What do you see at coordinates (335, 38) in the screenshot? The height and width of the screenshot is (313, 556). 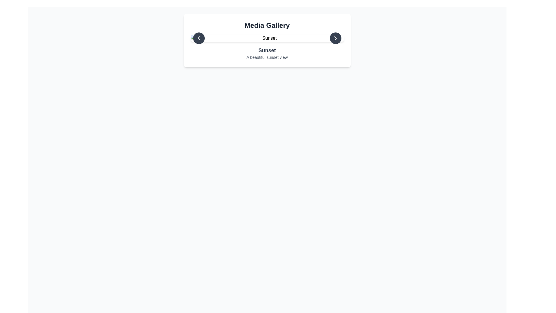 I see `the right-side button in the media gallery` at bounding box center [335, 38].